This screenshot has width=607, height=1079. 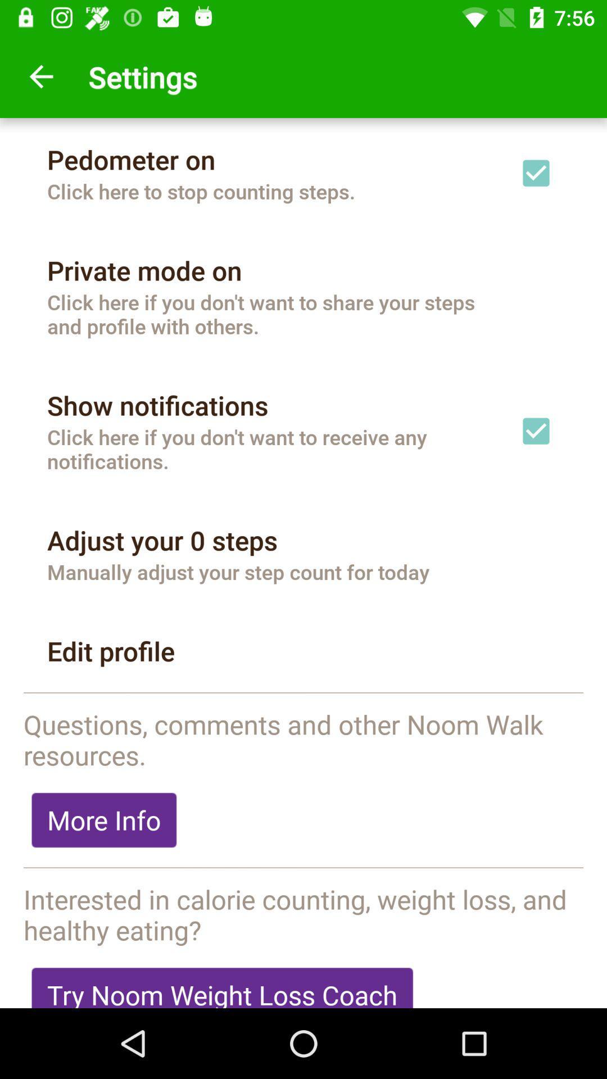 What do you see at coordinates (111, 651) in the screenshot?
I see `the edit profile` at bounding box center [111, 651].